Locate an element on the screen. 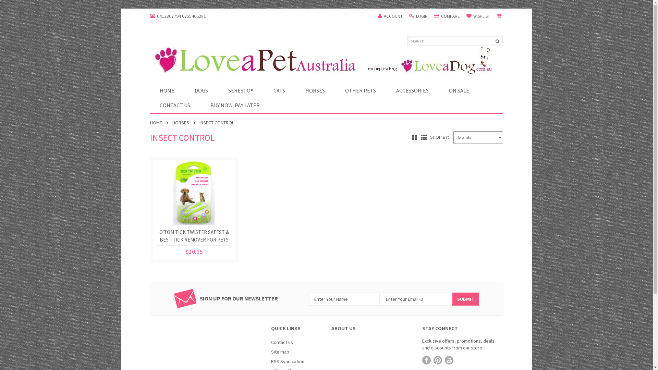  'Site map' is located at coordinates (280, 351).